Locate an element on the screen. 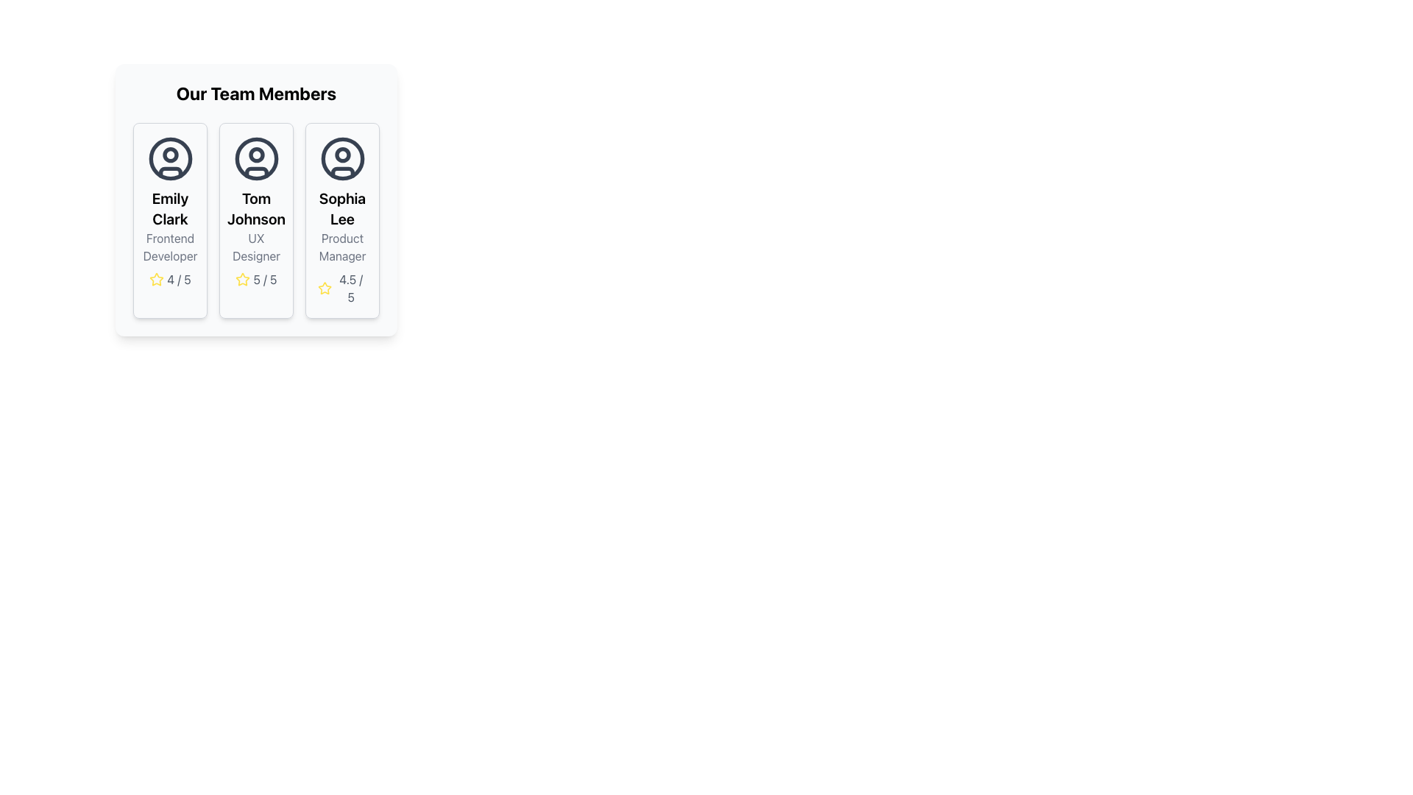 The width and height of the screenshot is (1413, 795). the text label displaying the numerical rating value of 4.5 out of 5 for 'Sophia Lee' located in the third column under 'Our Team Members', between the yellow star icon and her role description is located at coordinates (350, 289).